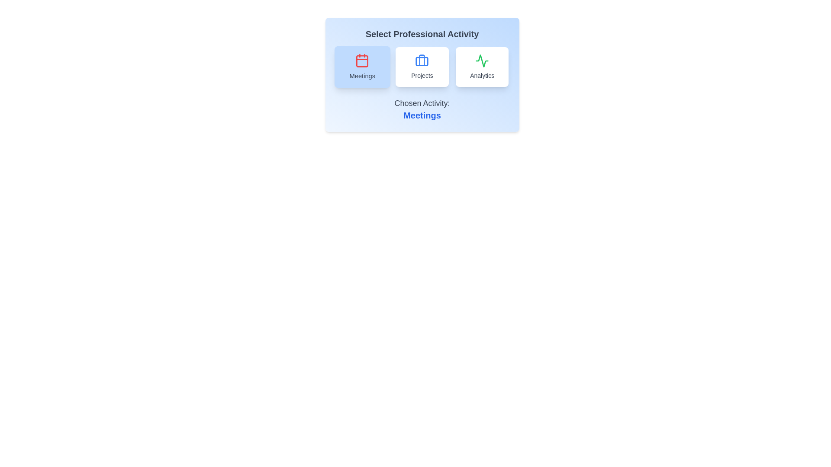 This screenshot has height=467, width=831. Describe the element at coordinates (422, 66) in the screenshot. I see `the button corresponding to the activity Projects to select it` at that location.